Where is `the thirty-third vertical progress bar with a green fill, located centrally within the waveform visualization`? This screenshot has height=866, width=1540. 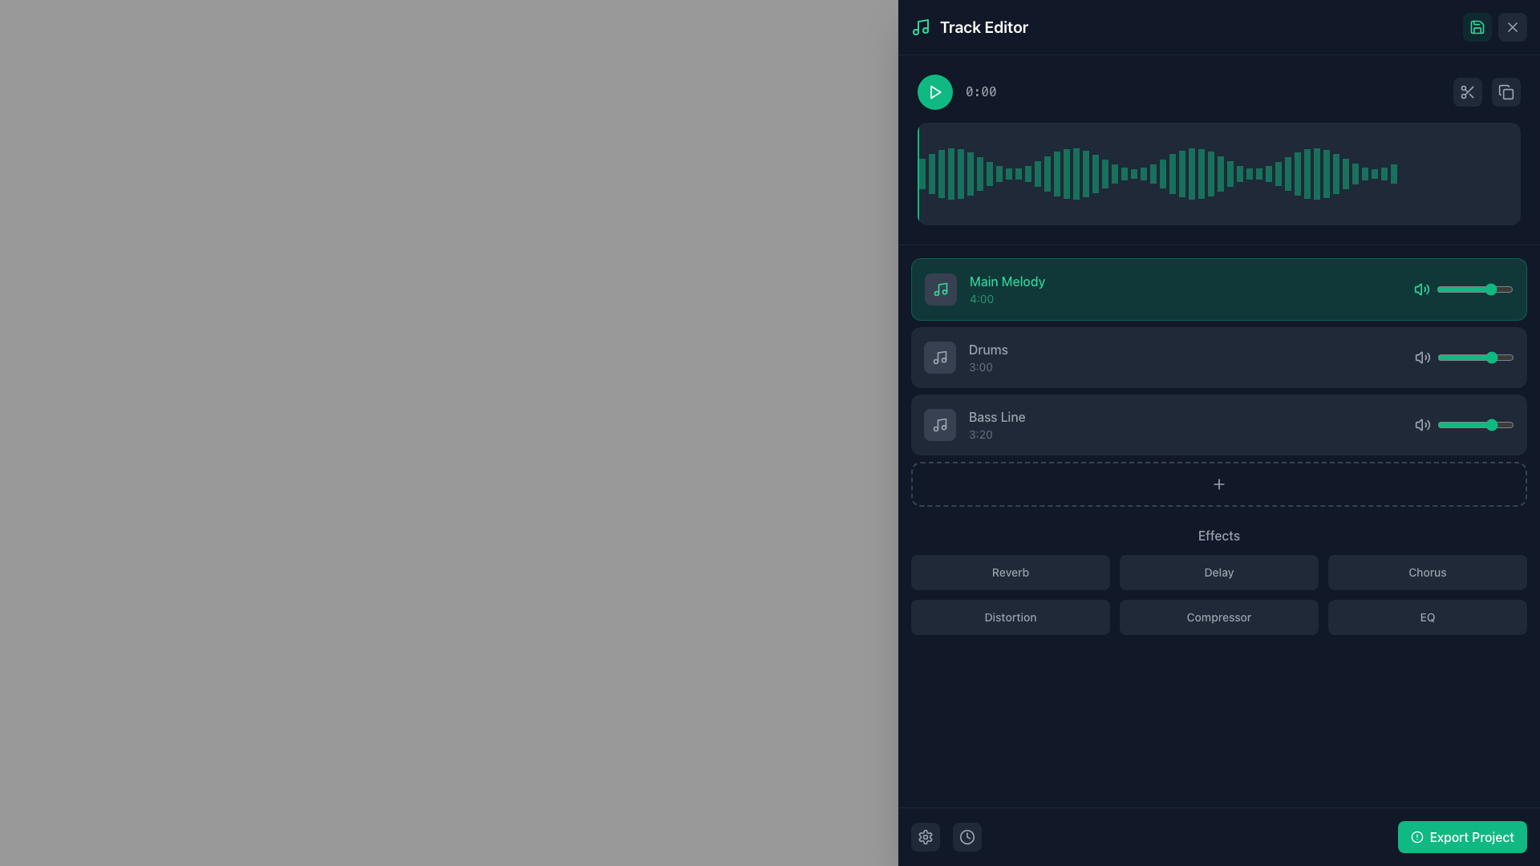 the thirty-third vertical progress bar with a green fill, located centrally within the waveform visualization is located at coordinates (1249, 173).